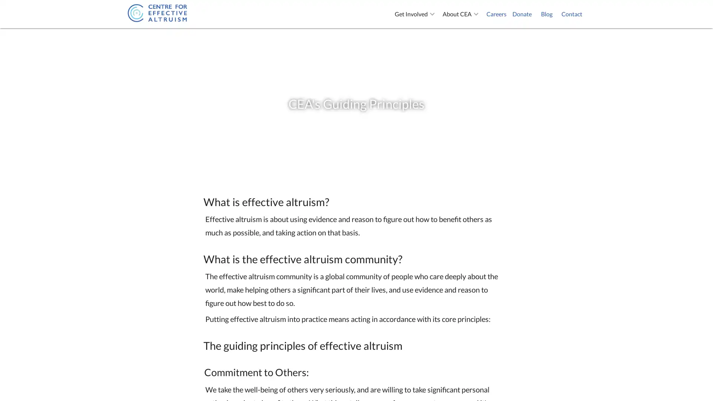  I want to click on About CEA, so click(461, 14).